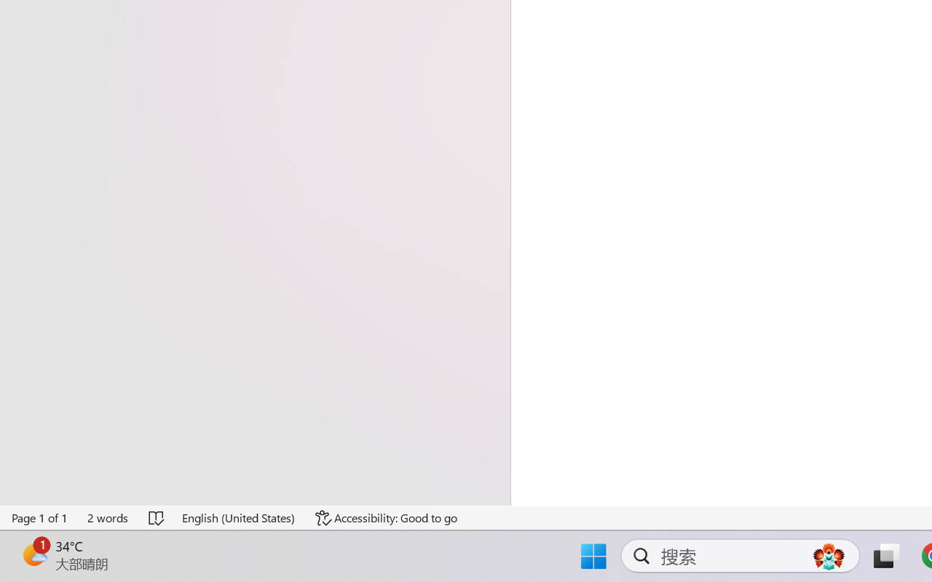  What do you see at coordinates (40, 517) in the screenshot?
I see `'Page Number Page 1 of 1'` at bounding box center [40, 517].